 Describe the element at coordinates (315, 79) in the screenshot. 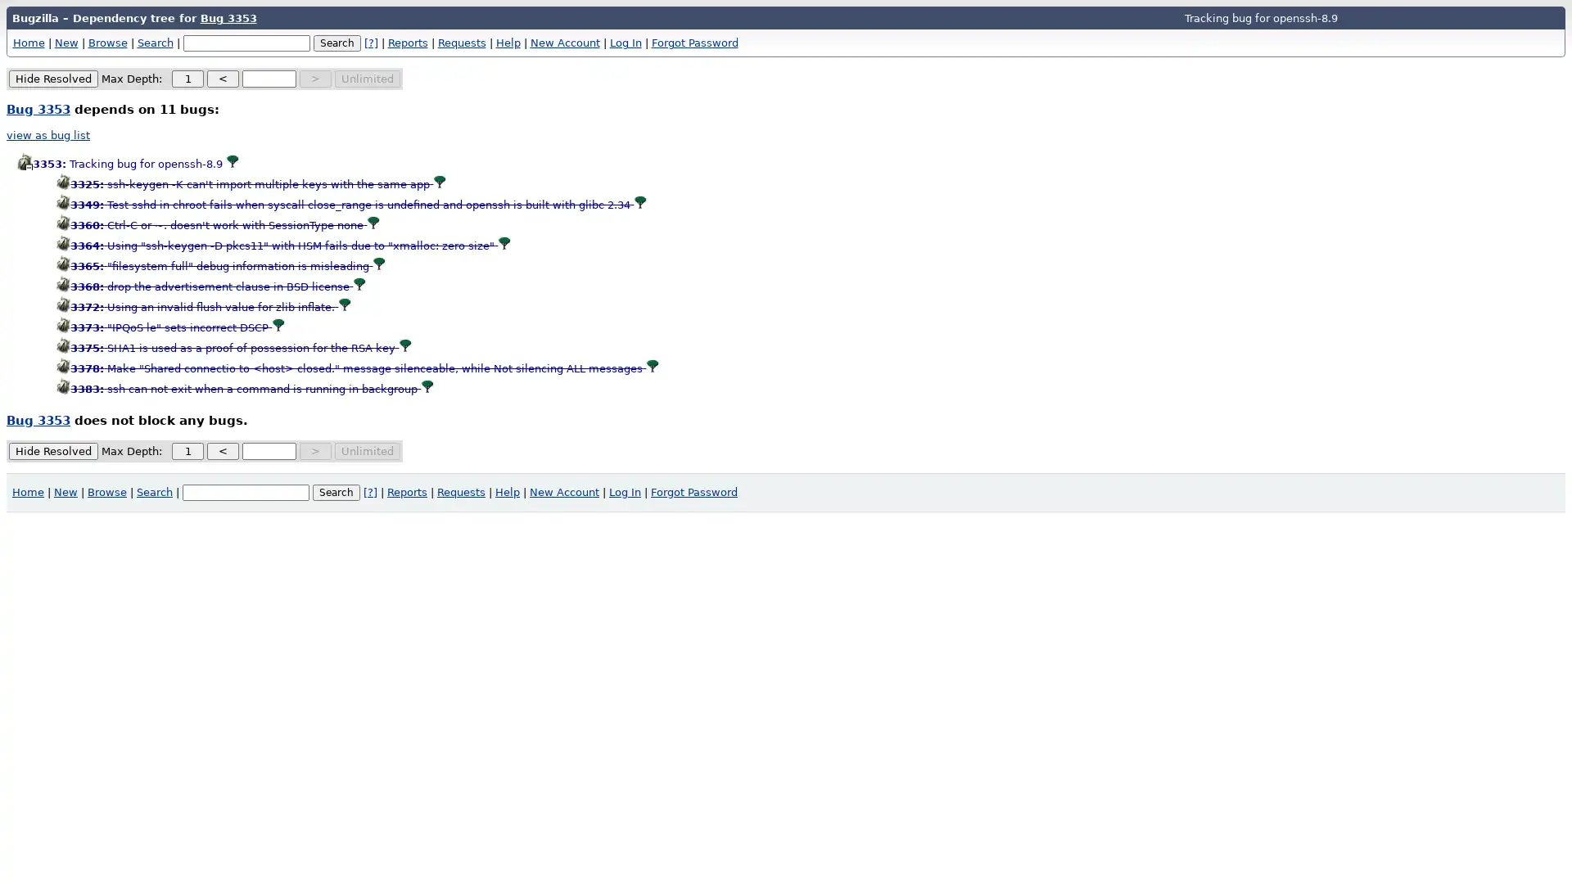

I see `>` at that location.